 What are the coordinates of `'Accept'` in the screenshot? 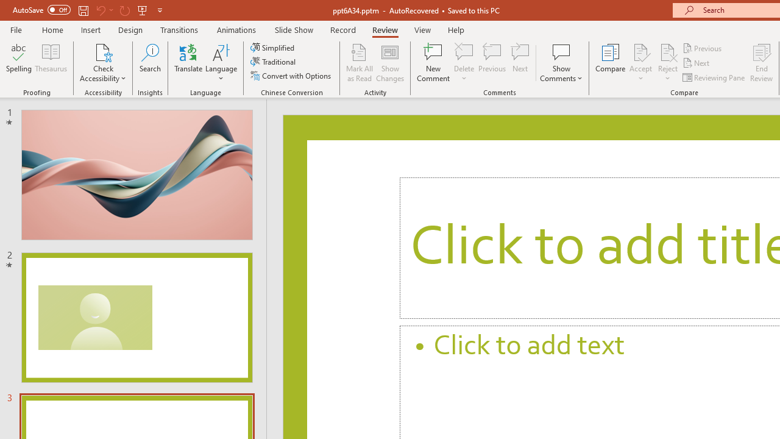 It's located at (640, 63).